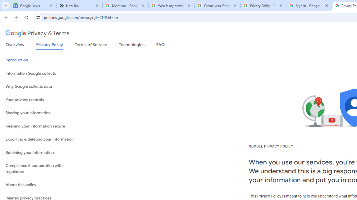 Image resolution: width=357 pixels, height=200 pixels. What do you see at coordinates (42, 99) in the screenshot?
I see `'Your privacy controls'` at bounding box center [42, 99].